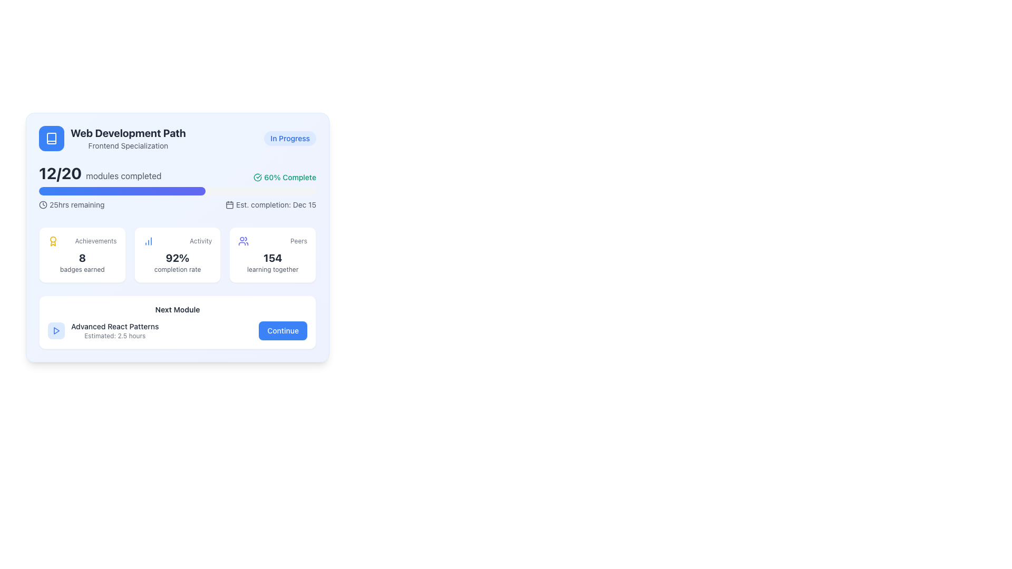 This screenshot has height=569, width=1012. Describe the element at coordinates (115, 326) in the screenshot. I see `the static text that serves as a title or descriptor for the next module in the learning interface, located near the bottom-left corner of the 'Next Module' card` at that location.